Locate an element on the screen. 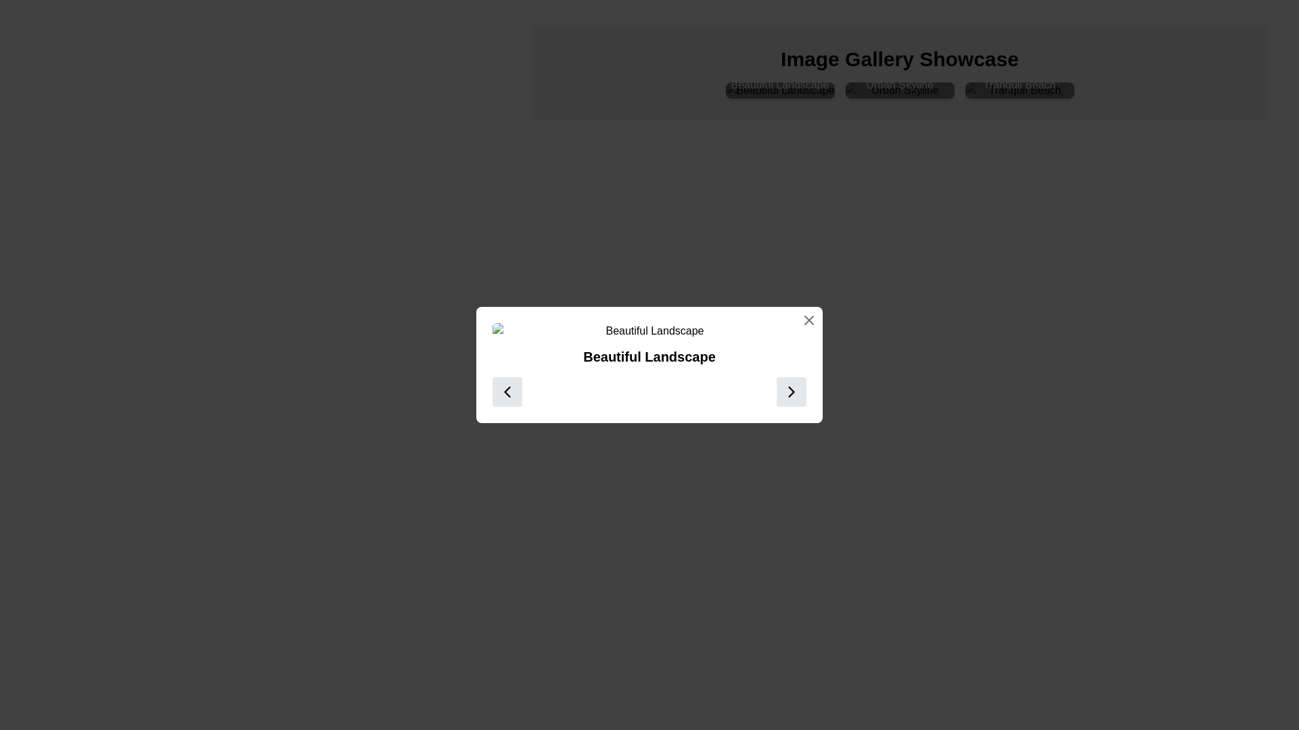  the Close button (icon) located in the top-right corner of the modal dialog box is located at coordinates (808, 320).